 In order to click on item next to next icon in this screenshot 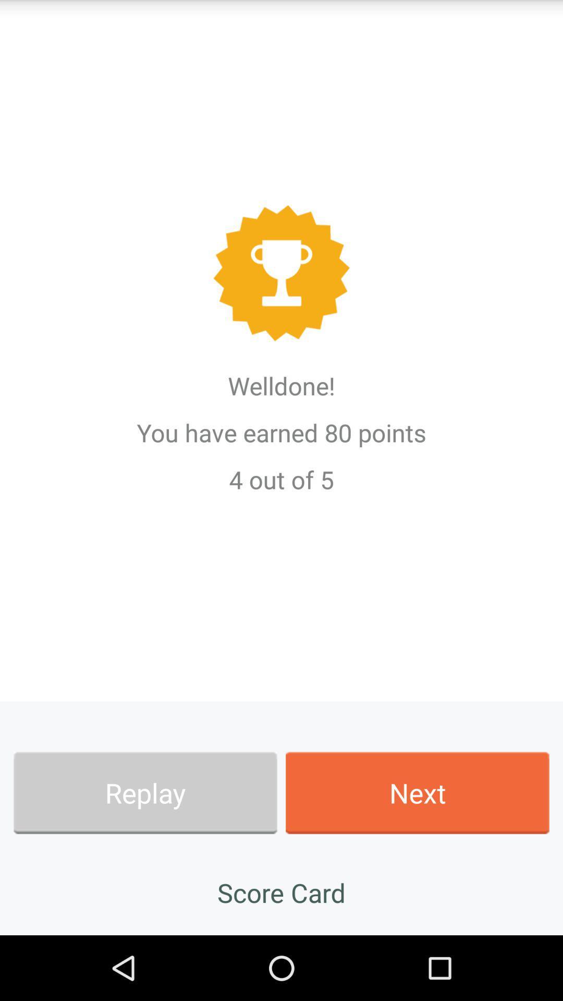, I will do `click(145, 792)`.